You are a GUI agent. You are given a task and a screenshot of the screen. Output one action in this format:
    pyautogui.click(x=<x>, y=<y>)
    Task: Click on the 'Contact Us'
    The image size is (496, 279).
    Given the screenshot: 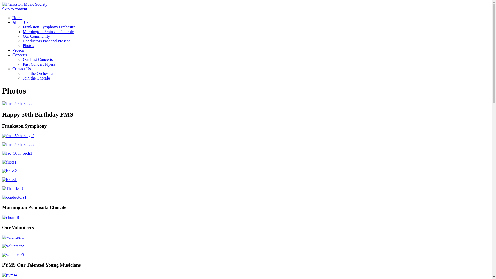 What is the action you would take?
    pyautogui.click(x=12, y=68)
    